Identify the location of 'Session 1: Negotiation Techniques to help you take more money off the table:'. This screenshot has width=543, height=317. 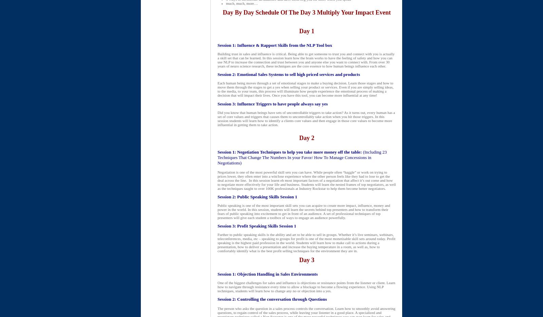
(289, 152).